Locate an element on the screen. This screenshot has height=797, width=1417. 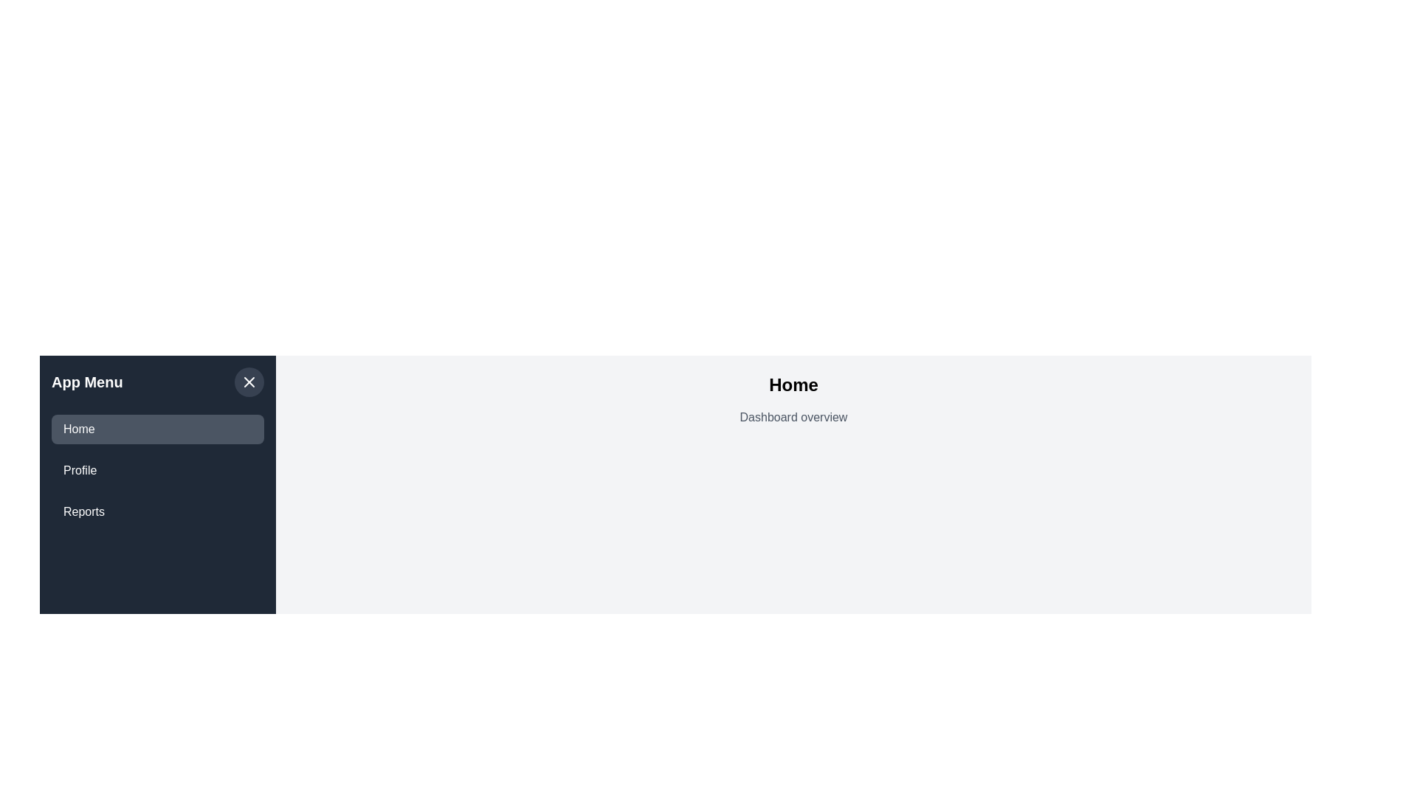
the feature Profile from the list is located at coordinates (158, 470).